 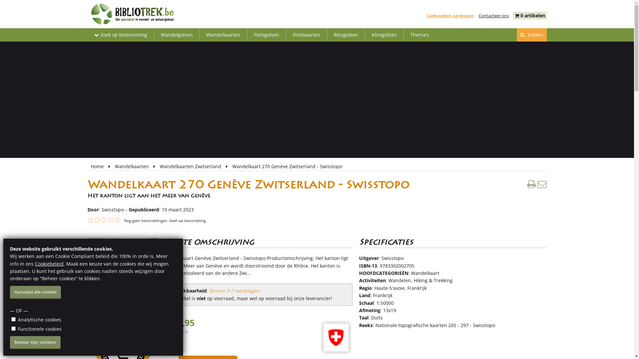 I want to click on 'Cadeaubon aankopen', so click(x=450, y=15).